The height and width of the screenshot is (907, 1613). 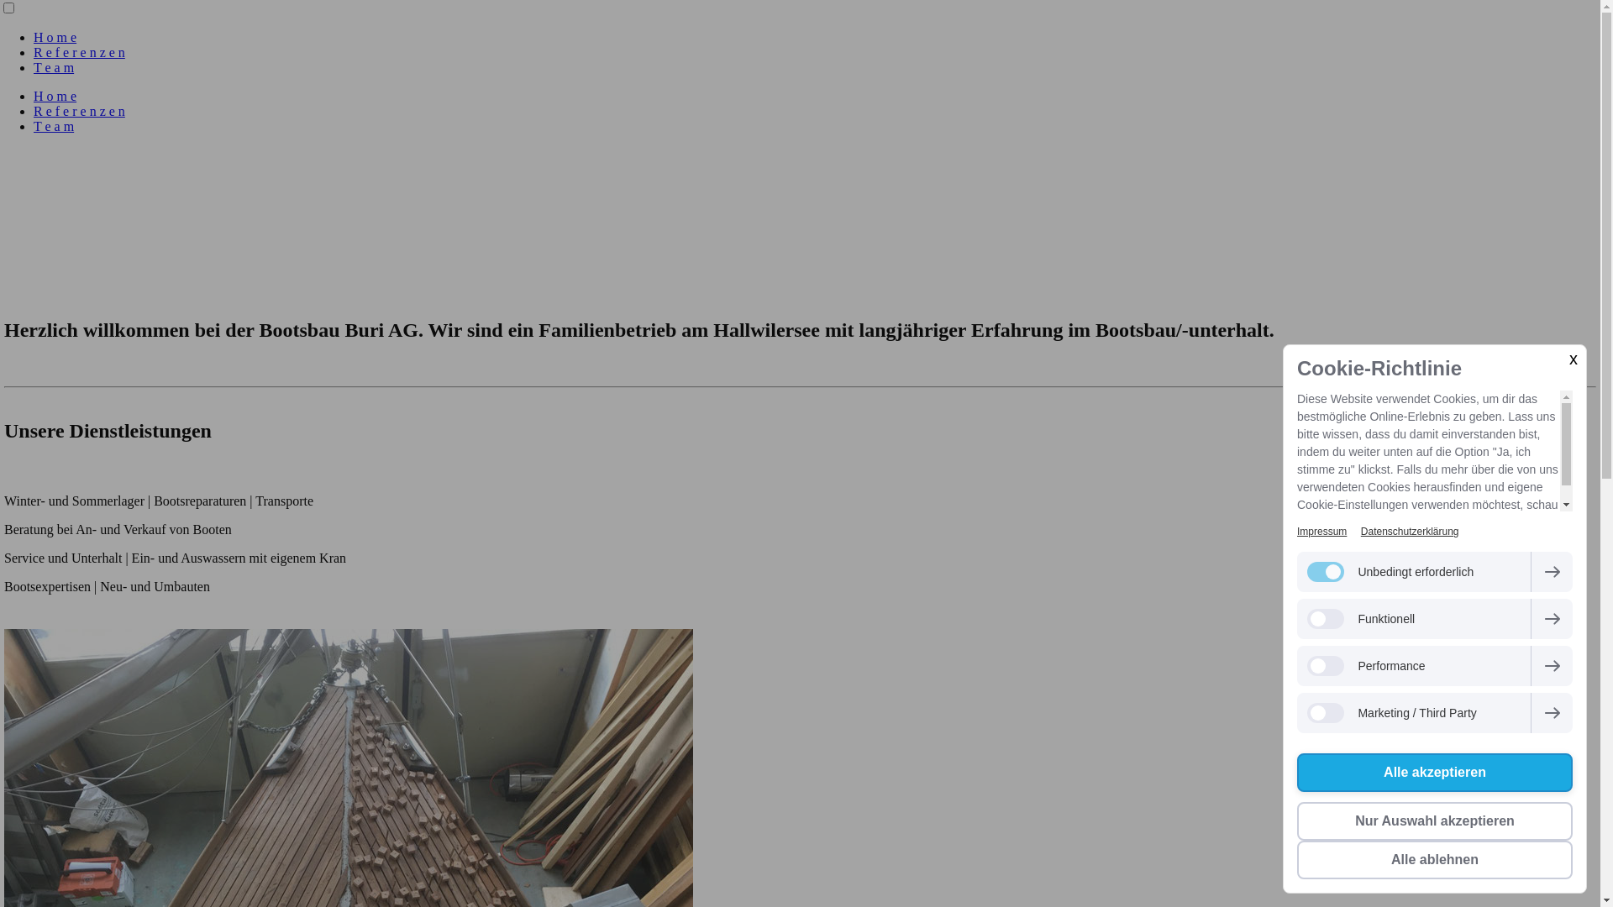 I want to click on 'Alle akzeptieren', so click(x=1434, y=773).